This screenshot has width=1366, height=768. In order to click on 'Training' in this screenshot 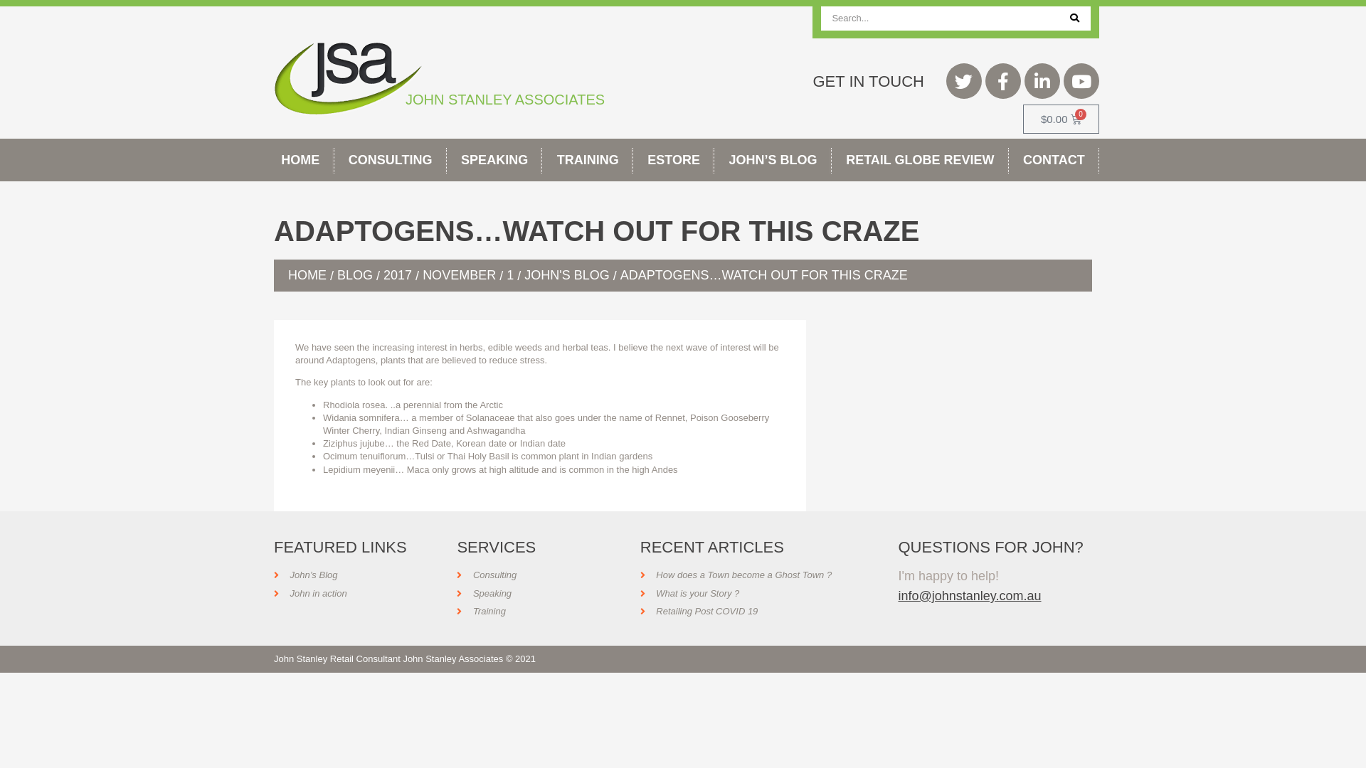, I will do `click(481, 611)`.